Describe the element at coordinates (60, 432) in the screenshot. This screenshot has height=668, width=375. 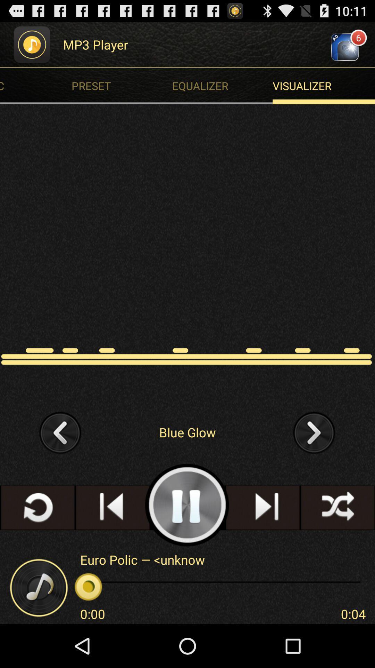
I see `the icon on the left` at that location.